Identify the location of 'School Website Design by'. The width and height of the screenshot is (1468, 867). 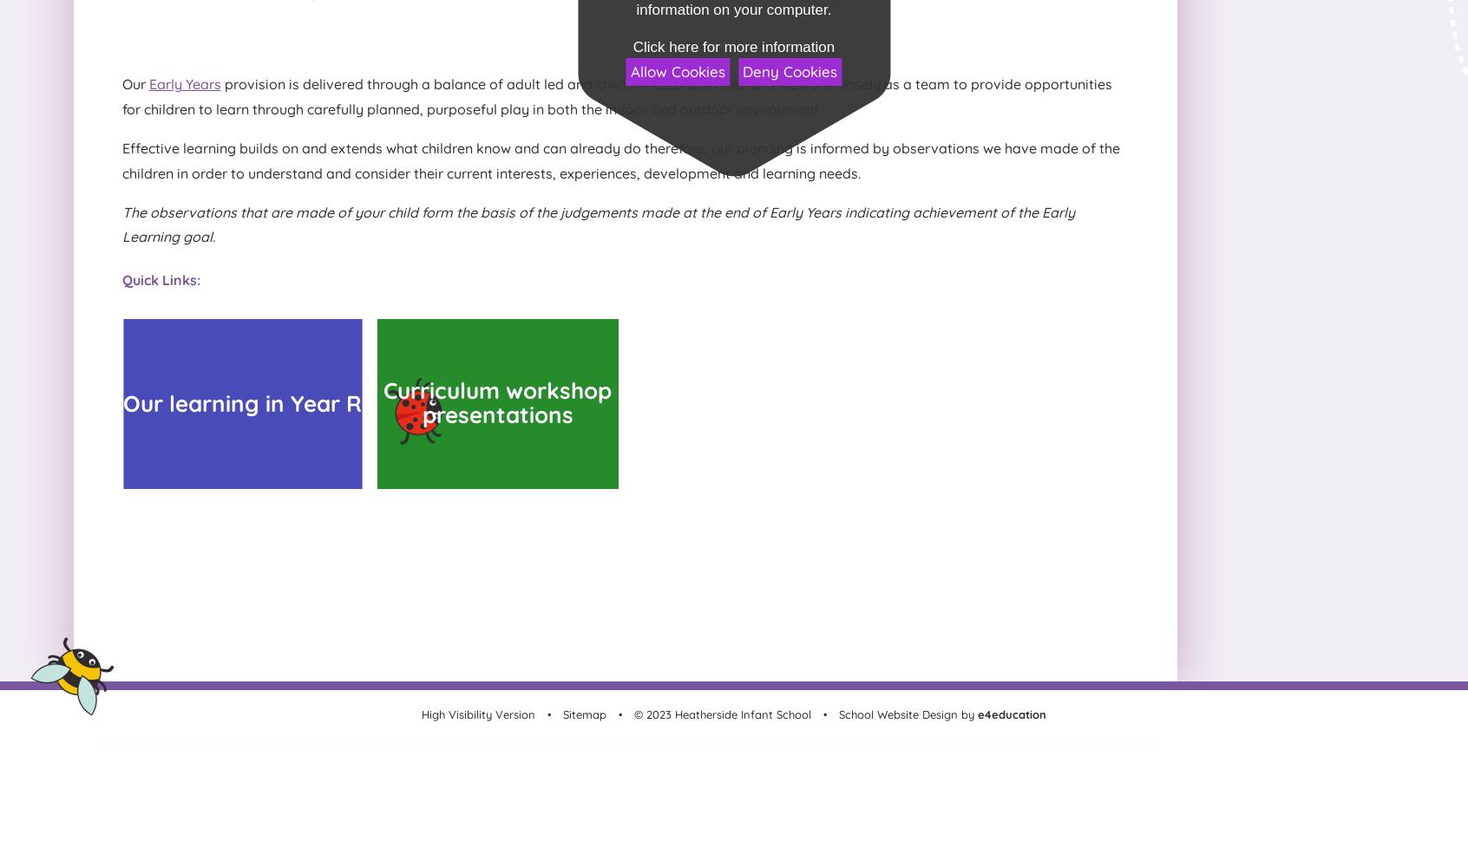
(905, 713).